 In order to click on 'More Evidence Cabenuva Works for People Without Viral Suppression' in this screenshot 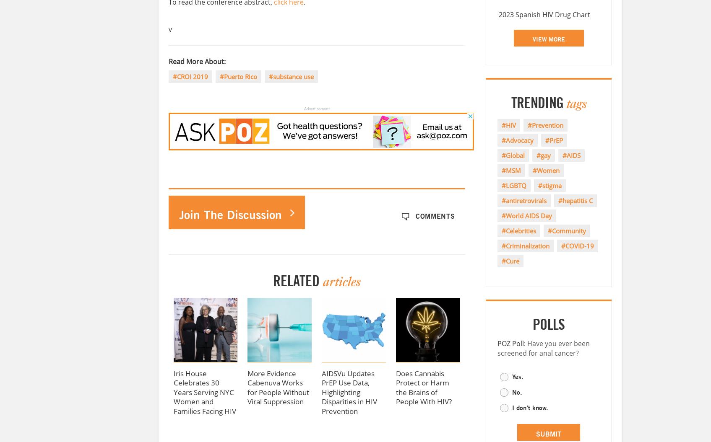, I will do `click(278, 387)`.